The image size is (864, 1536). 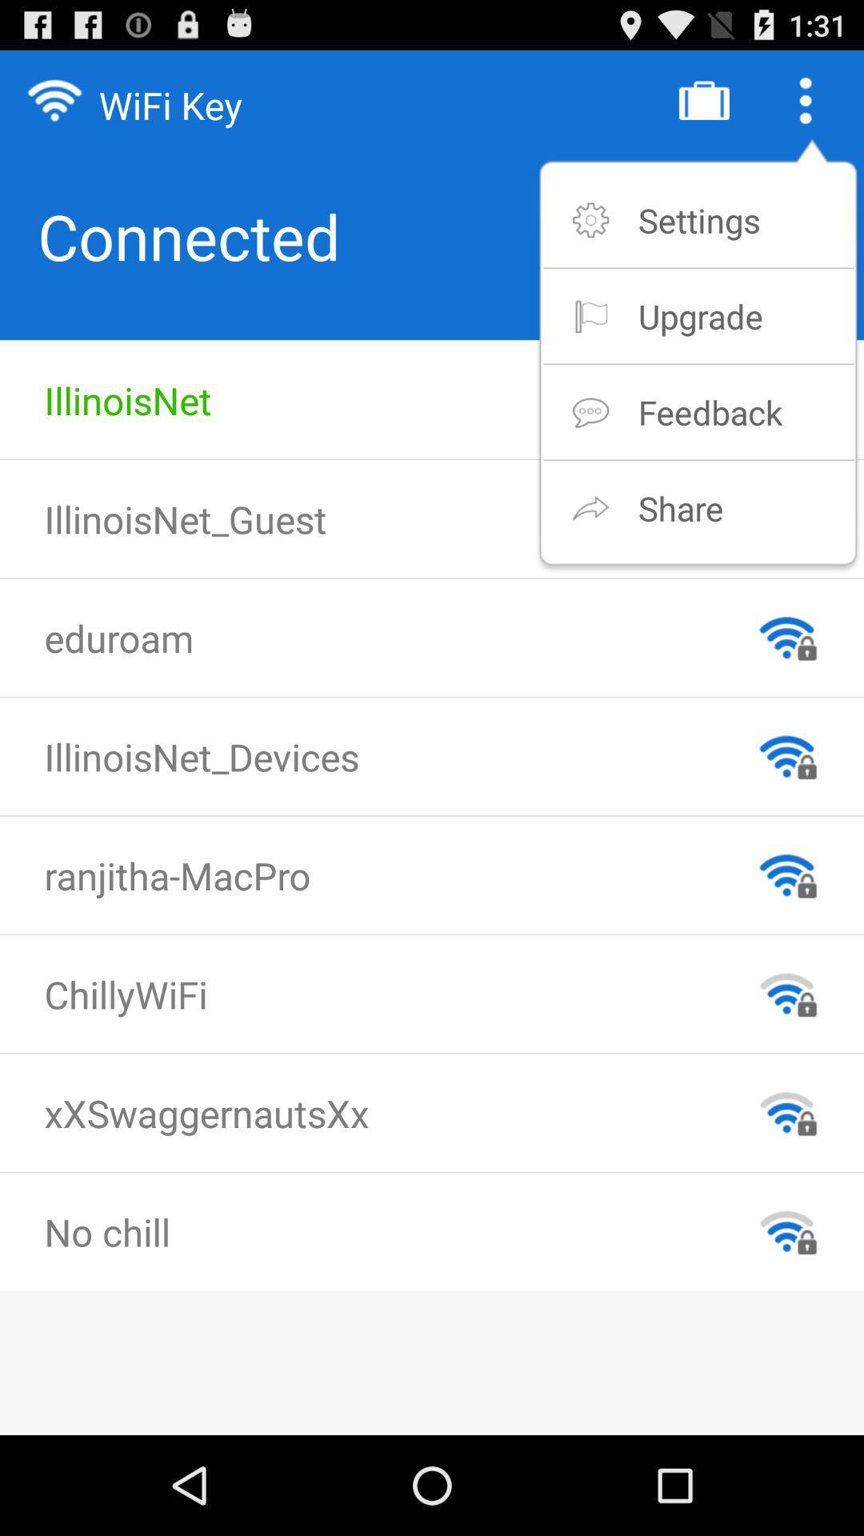 What do you see at coordinates (699, 316) in the screenshot?
I see `the upgrade icon` at bounding box center [699, 316].